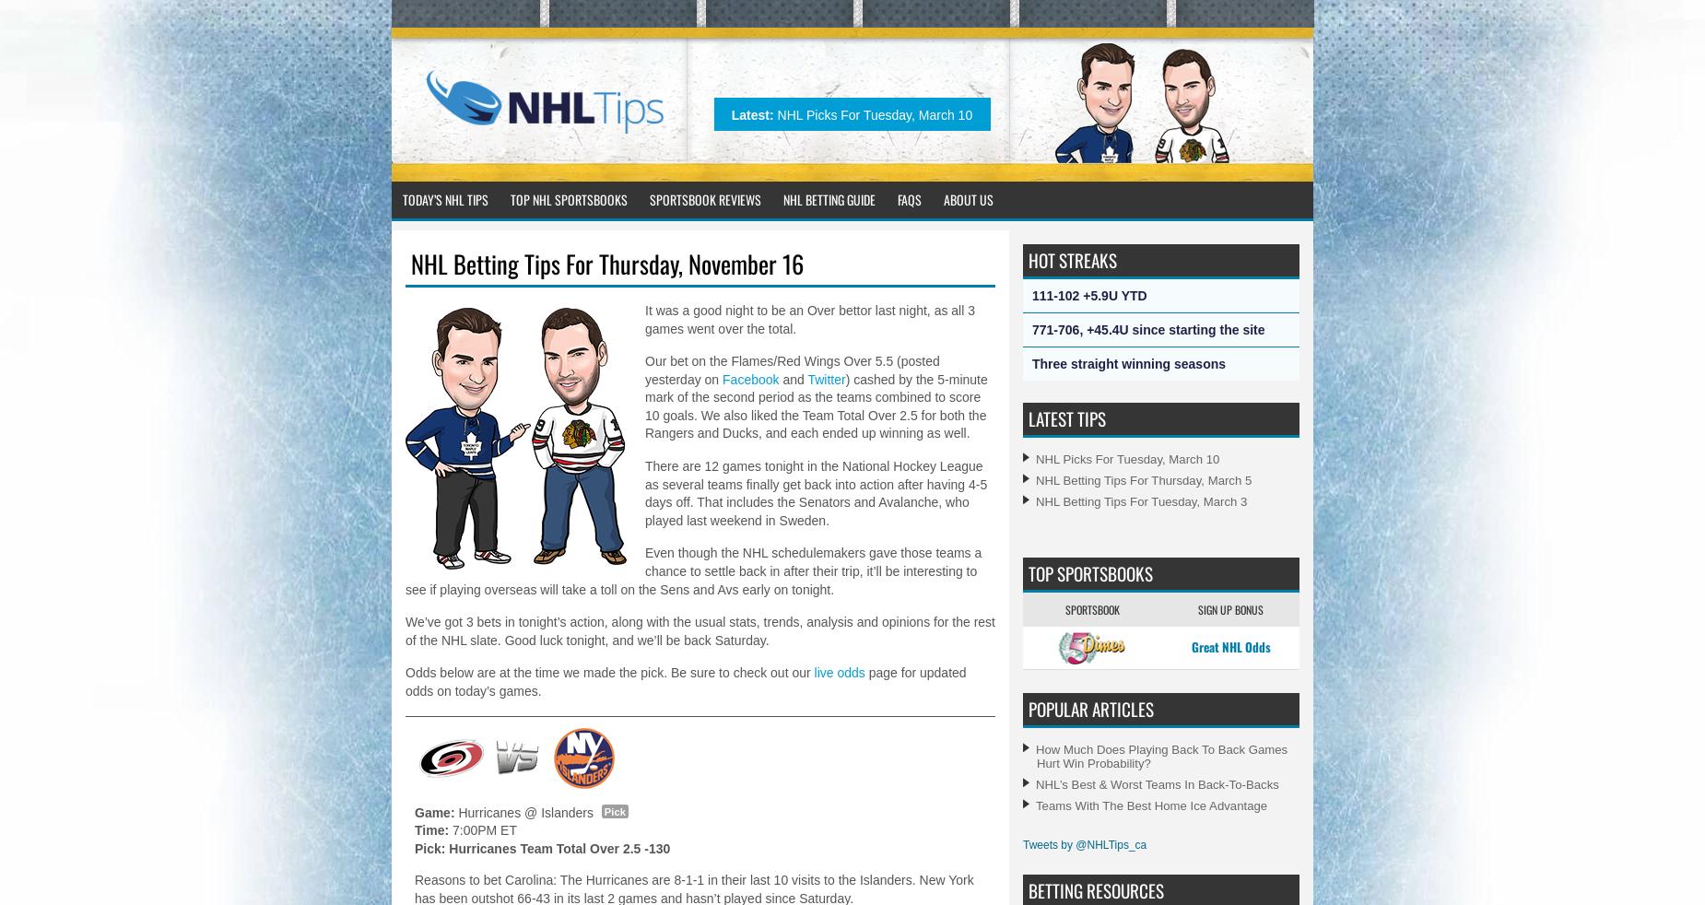 The width and height of the screenshot is (1705, 905). I want to click on '111-102 +5.9U YTD', so click(1088, 296).